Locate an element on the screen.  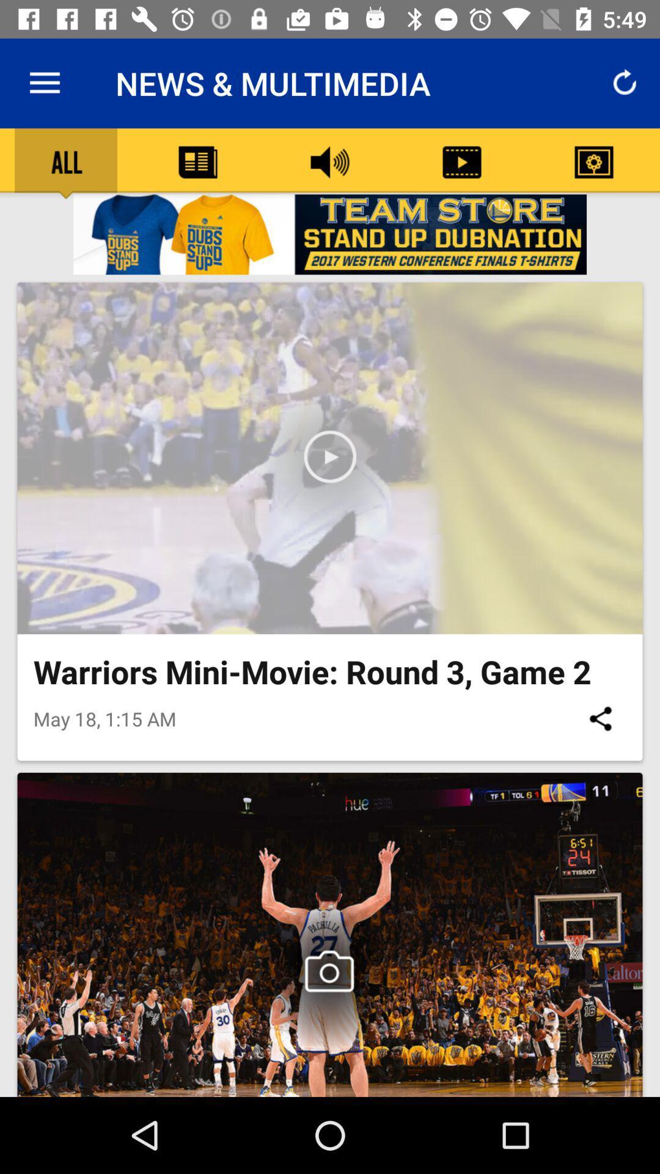
item next to the news & multimedia icon is located at coordinates (44, 83).